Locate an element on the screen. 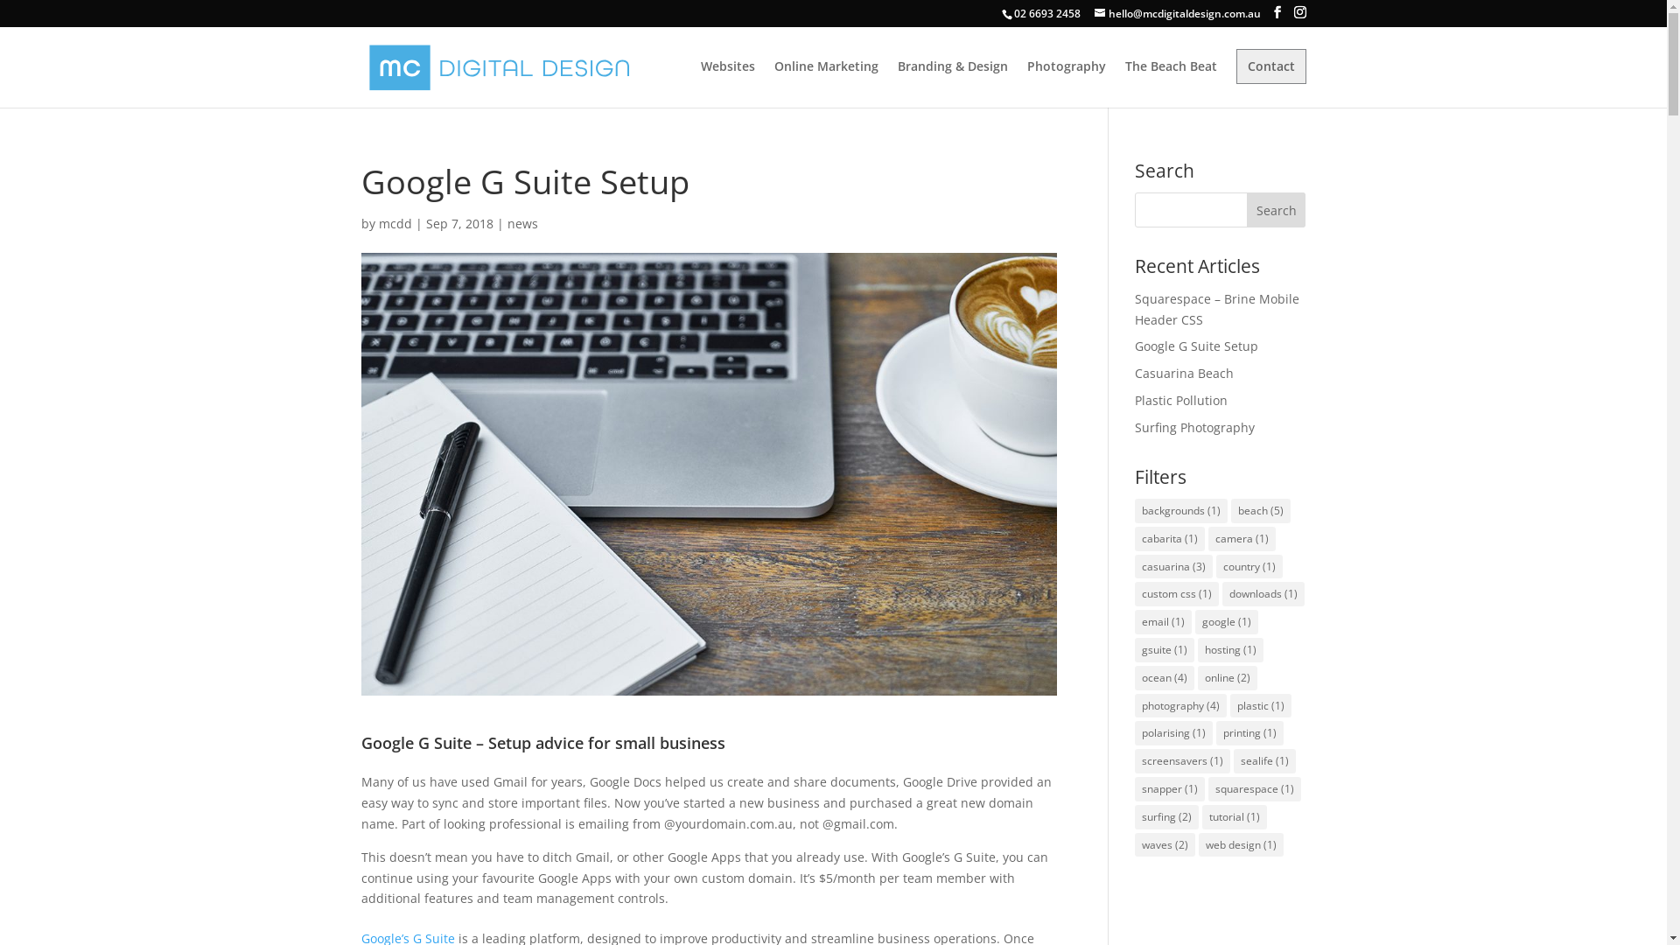 This screenshot has width=1680, height=945. 'Photography' is located at coordinates (1066, 84).